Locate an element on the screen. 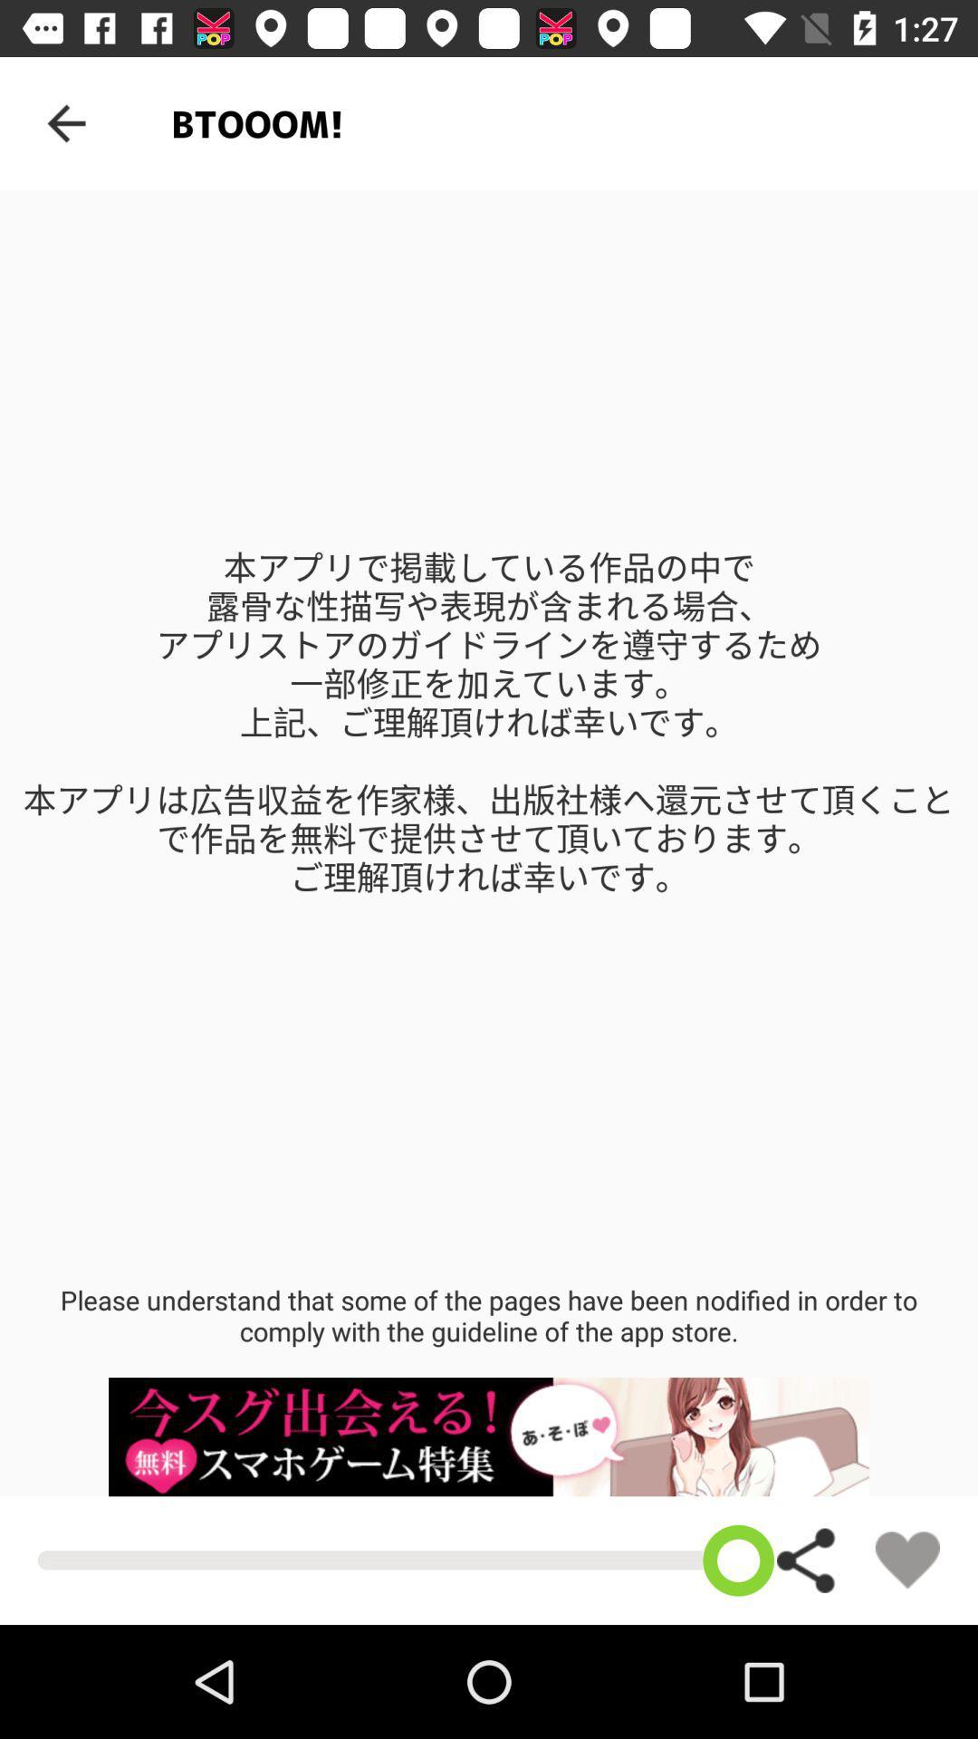 The width and height of the screenshot is (978, 1739). share is located at coordinates (806, 1560).